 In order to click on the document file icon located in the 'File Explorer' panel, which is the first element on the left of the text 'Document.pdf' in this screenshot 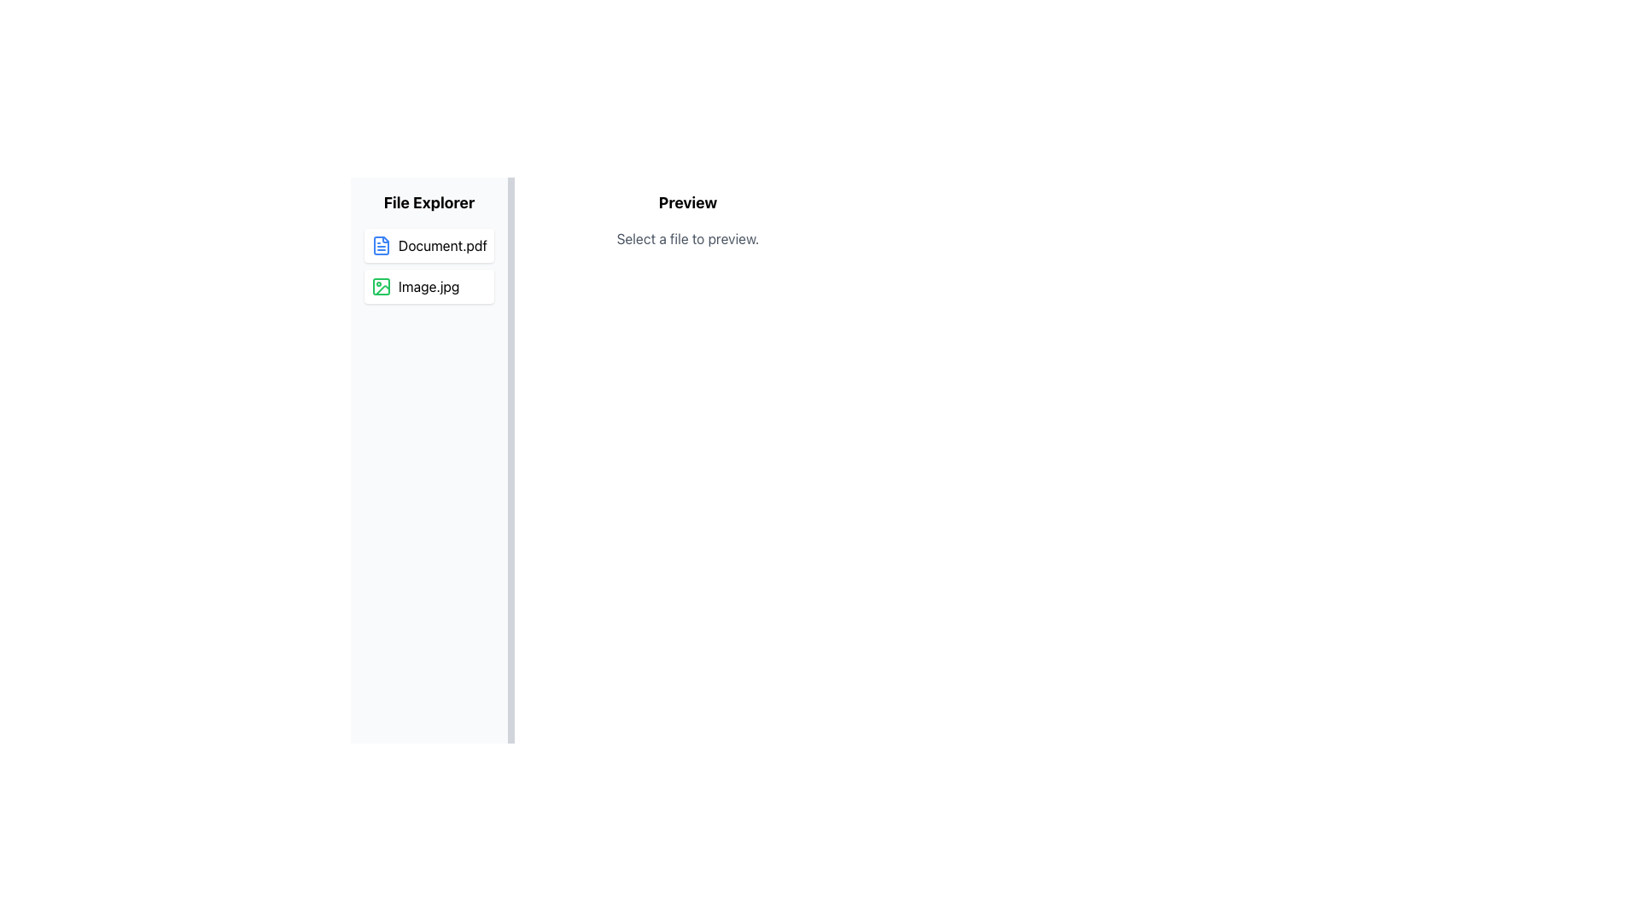, I will do `click(380, 246)`.